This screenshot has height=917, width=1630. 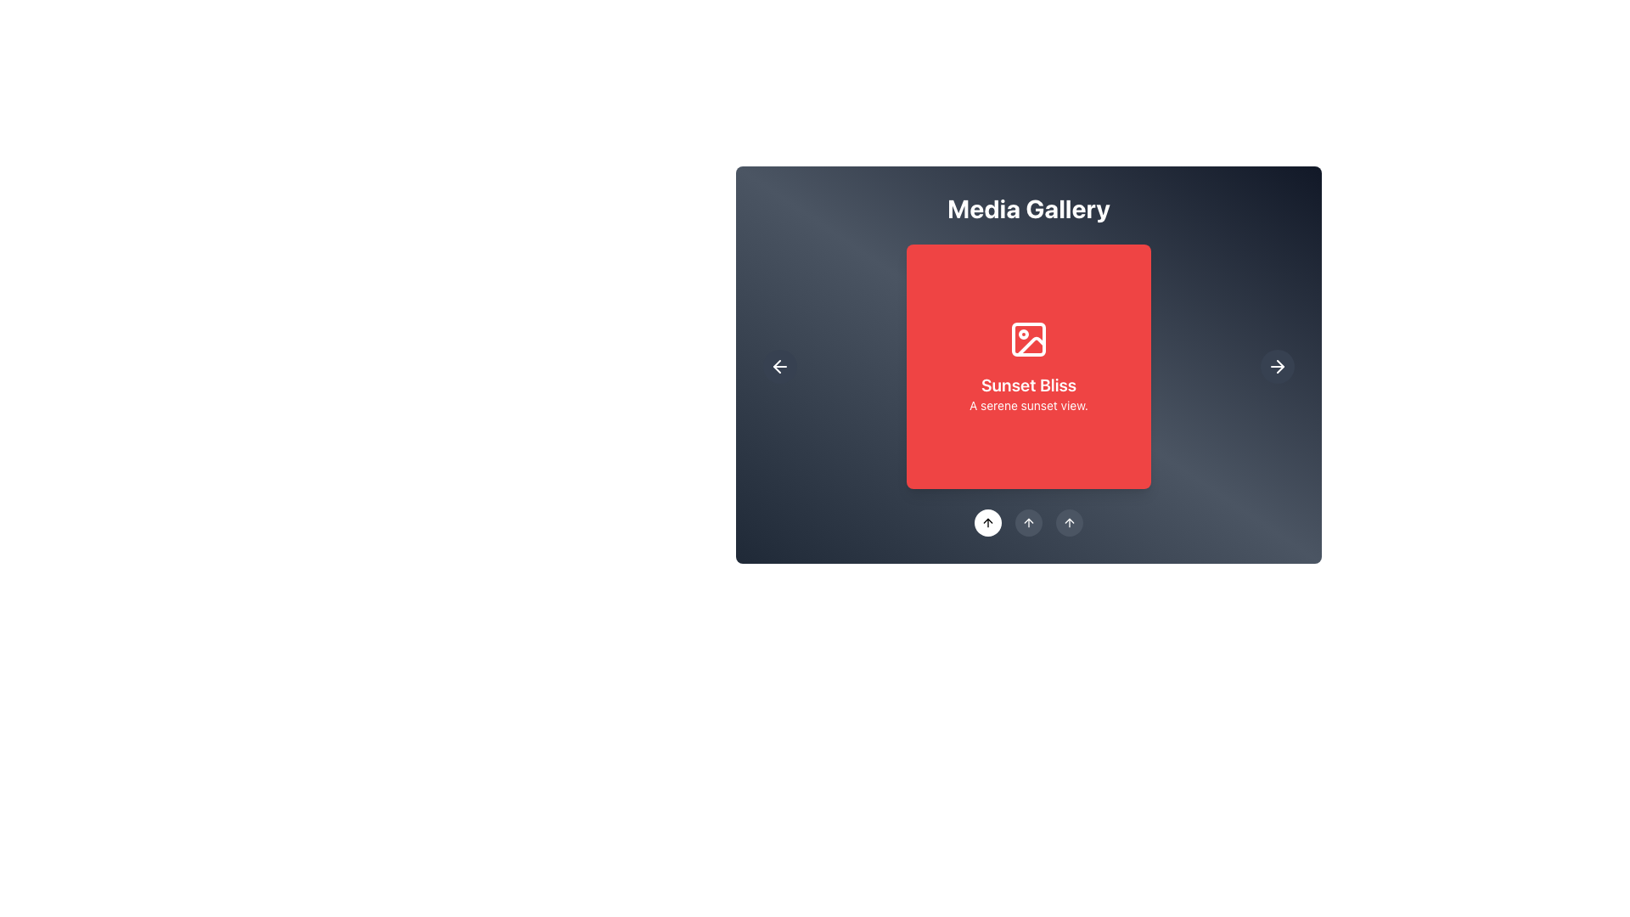 I want to click on the navigational arrow icon button located at the bottom-right section of the UI to scroll upwards in the media gallery, so click(x=1027, y=522).